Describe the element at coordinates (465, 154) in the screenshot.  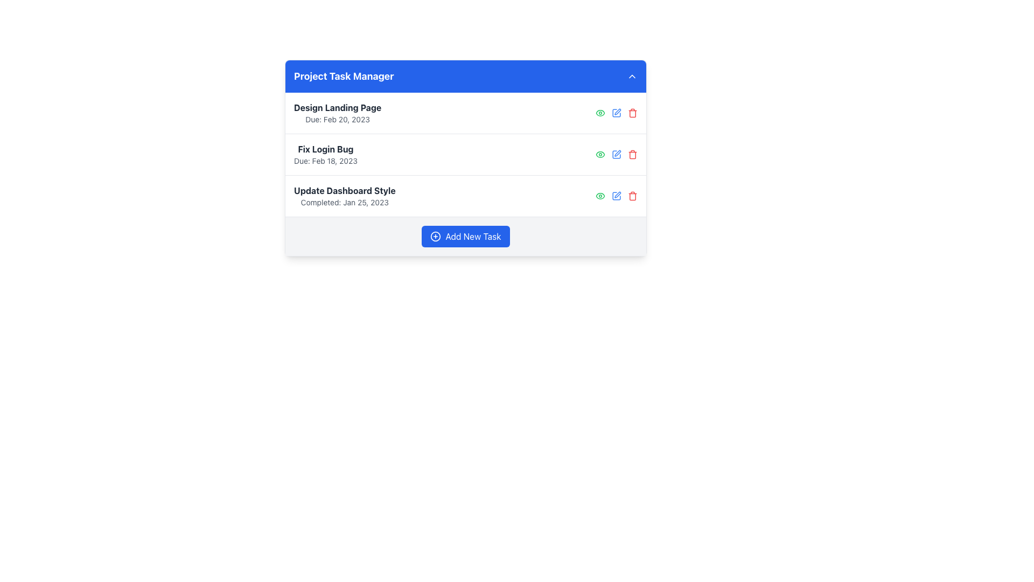
I see `the list item titled 'Fix Login Bug'` at that location.